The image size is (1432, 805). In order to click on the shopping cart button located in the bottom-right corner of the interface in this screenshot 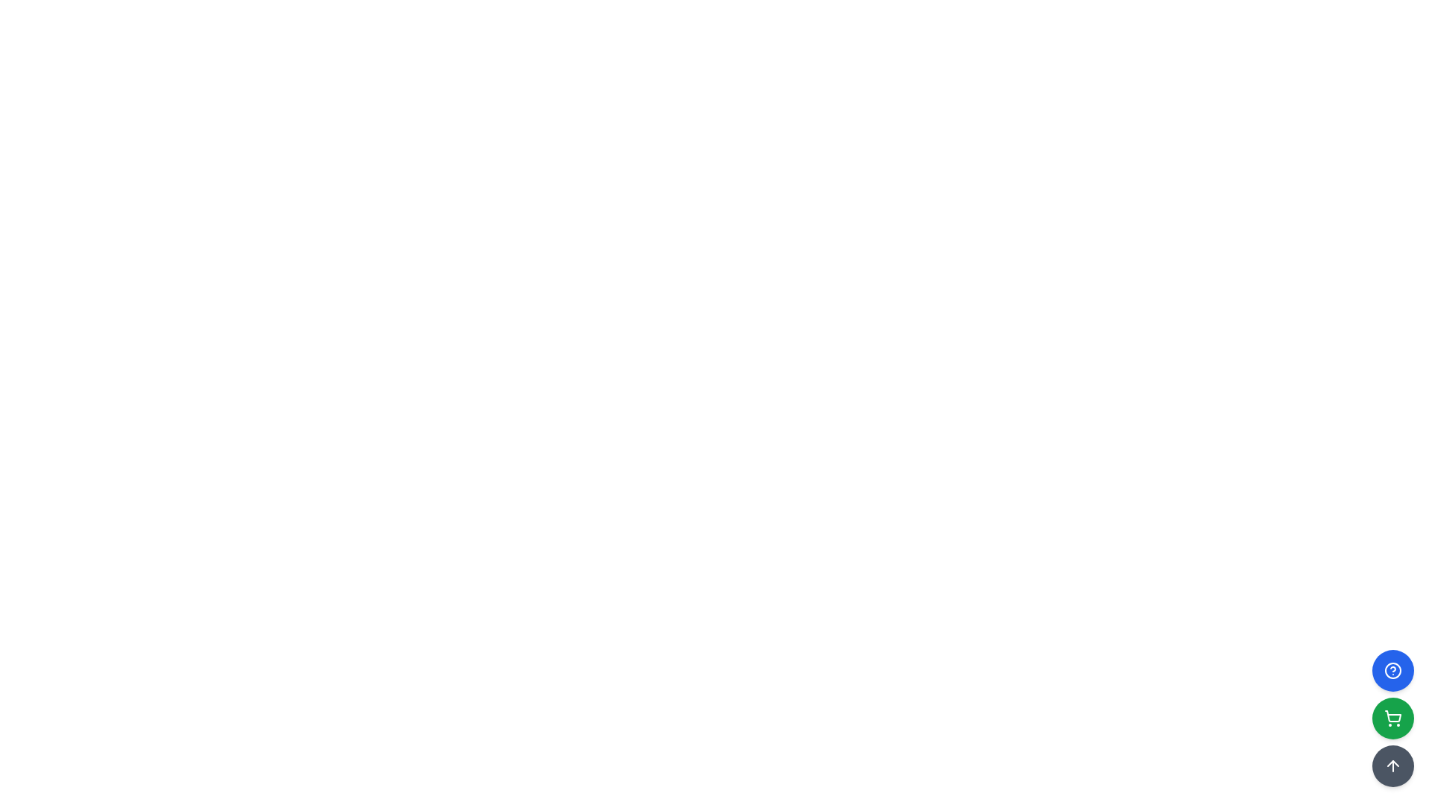, I will do `click(1392, 718)`.